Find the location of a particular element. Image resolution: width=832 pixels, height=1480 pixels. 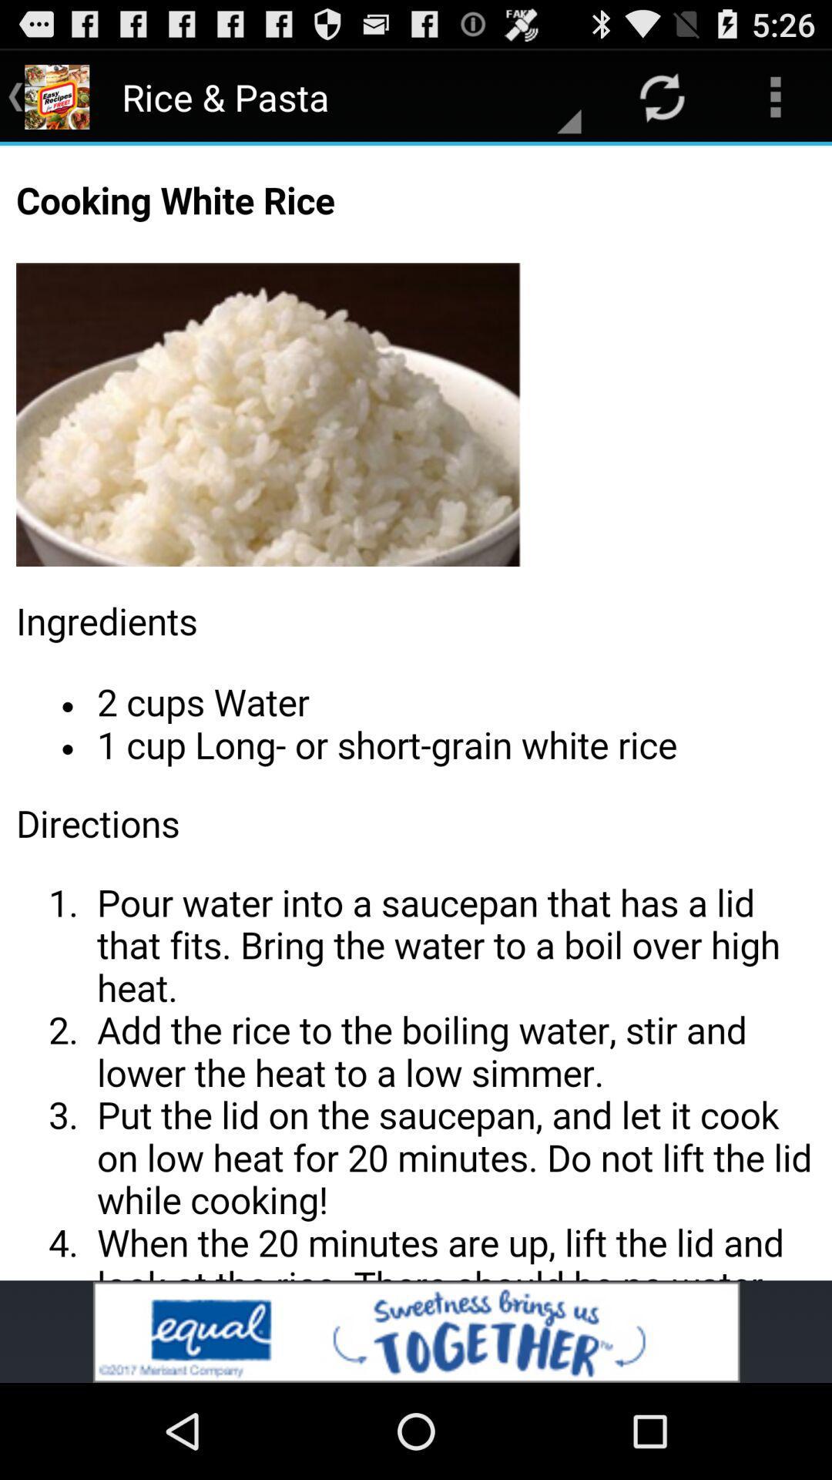

recipe box is located at coordinates (416, 712).